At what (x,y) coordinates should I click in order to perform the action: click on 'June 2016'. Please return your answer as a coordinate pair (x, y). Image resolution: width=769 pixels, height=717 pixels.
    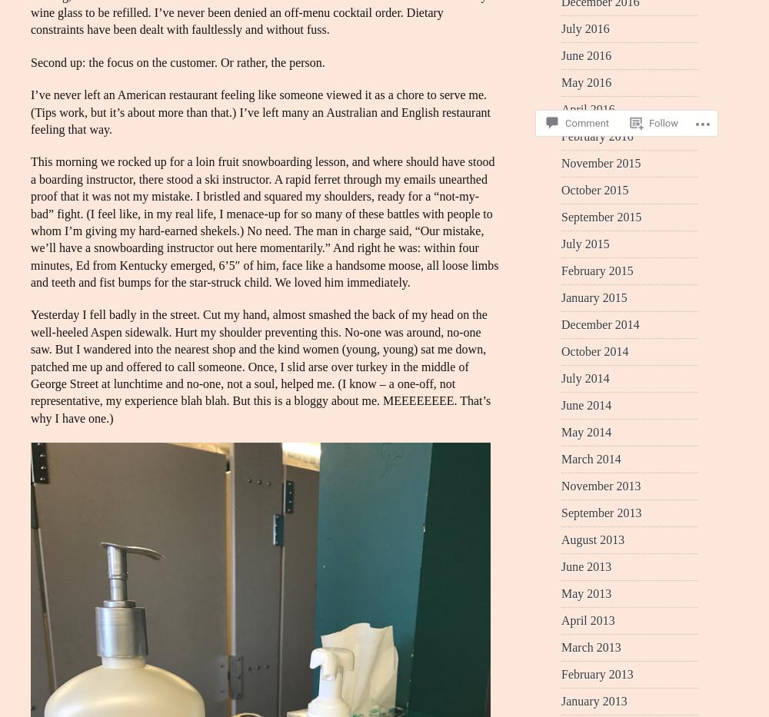
    Looking at the image, I should click on (561, 55).